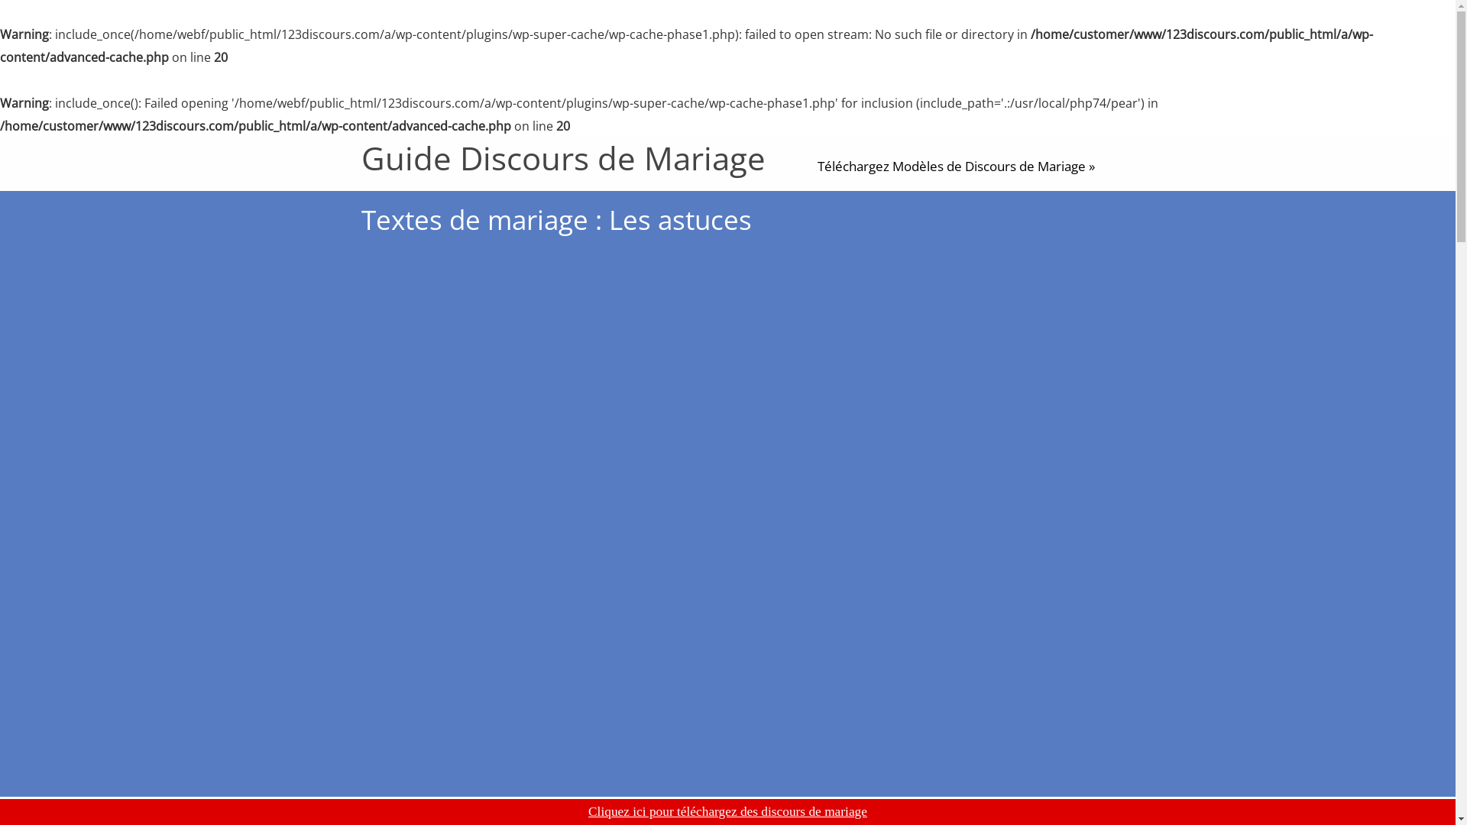  Describe the element at coordinates (562, 158) in the screenshot. I see `'Guide Discours de Mariage'` at that location.